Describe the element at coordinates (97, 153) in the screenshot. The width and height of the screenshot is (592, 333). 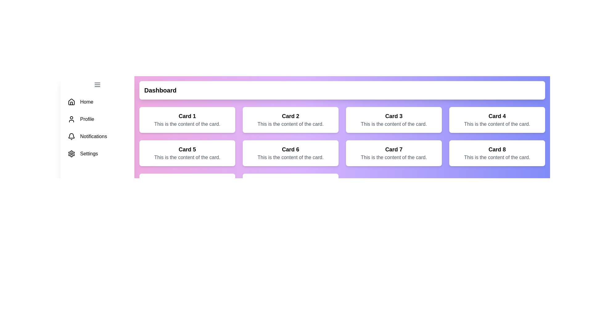
I see `the menu item Settings to navigate` at that location.